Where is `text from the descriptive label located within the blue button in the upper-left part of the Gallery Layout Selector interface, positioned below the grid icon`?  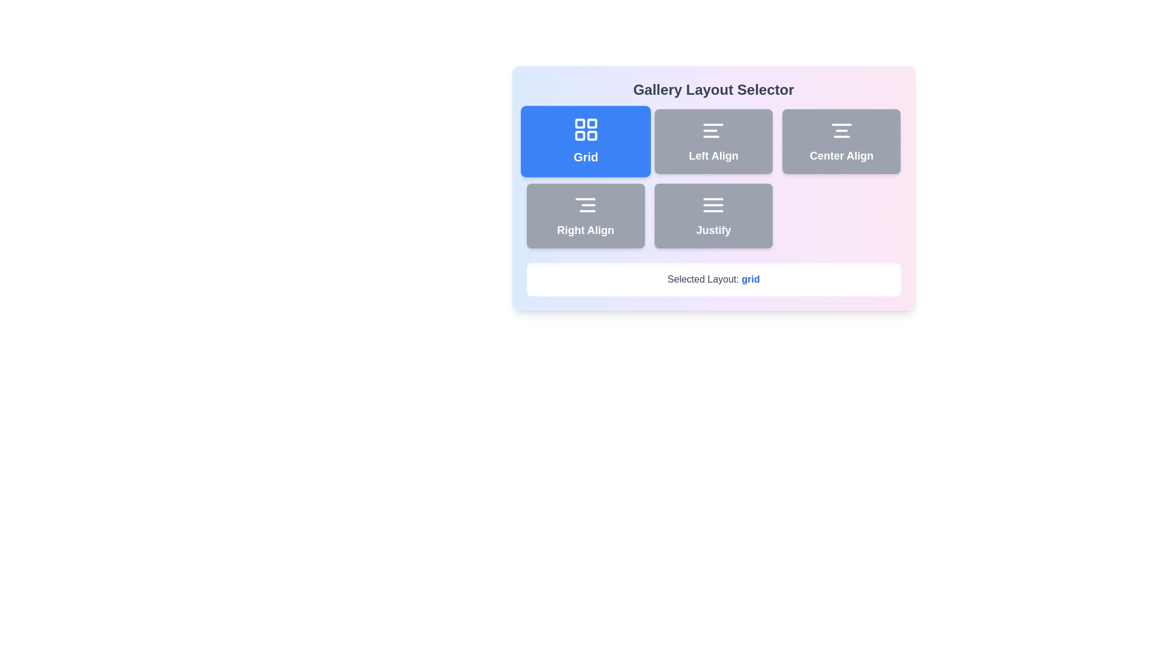
text from the descriptive label located within the blue button in the upper-left part of the Gallery Layout Selector interface, positioned below the grid icon is located at coordinates (586, 157).